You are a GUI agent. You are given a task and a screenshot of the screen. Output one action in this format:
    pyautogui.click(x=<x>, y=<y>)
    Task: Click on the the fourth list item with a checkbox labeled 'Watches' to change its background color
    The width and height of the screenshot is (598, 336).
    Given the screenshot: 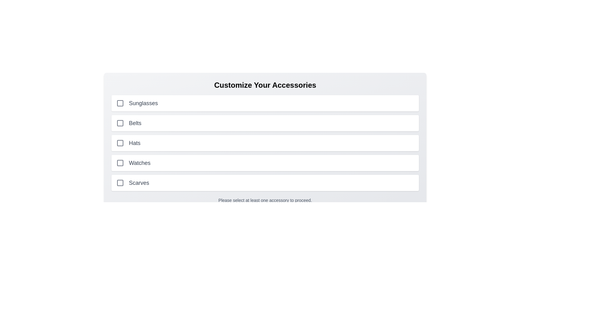 What is the action you would take?
    pyautogui.click(x=265, y=163)
    